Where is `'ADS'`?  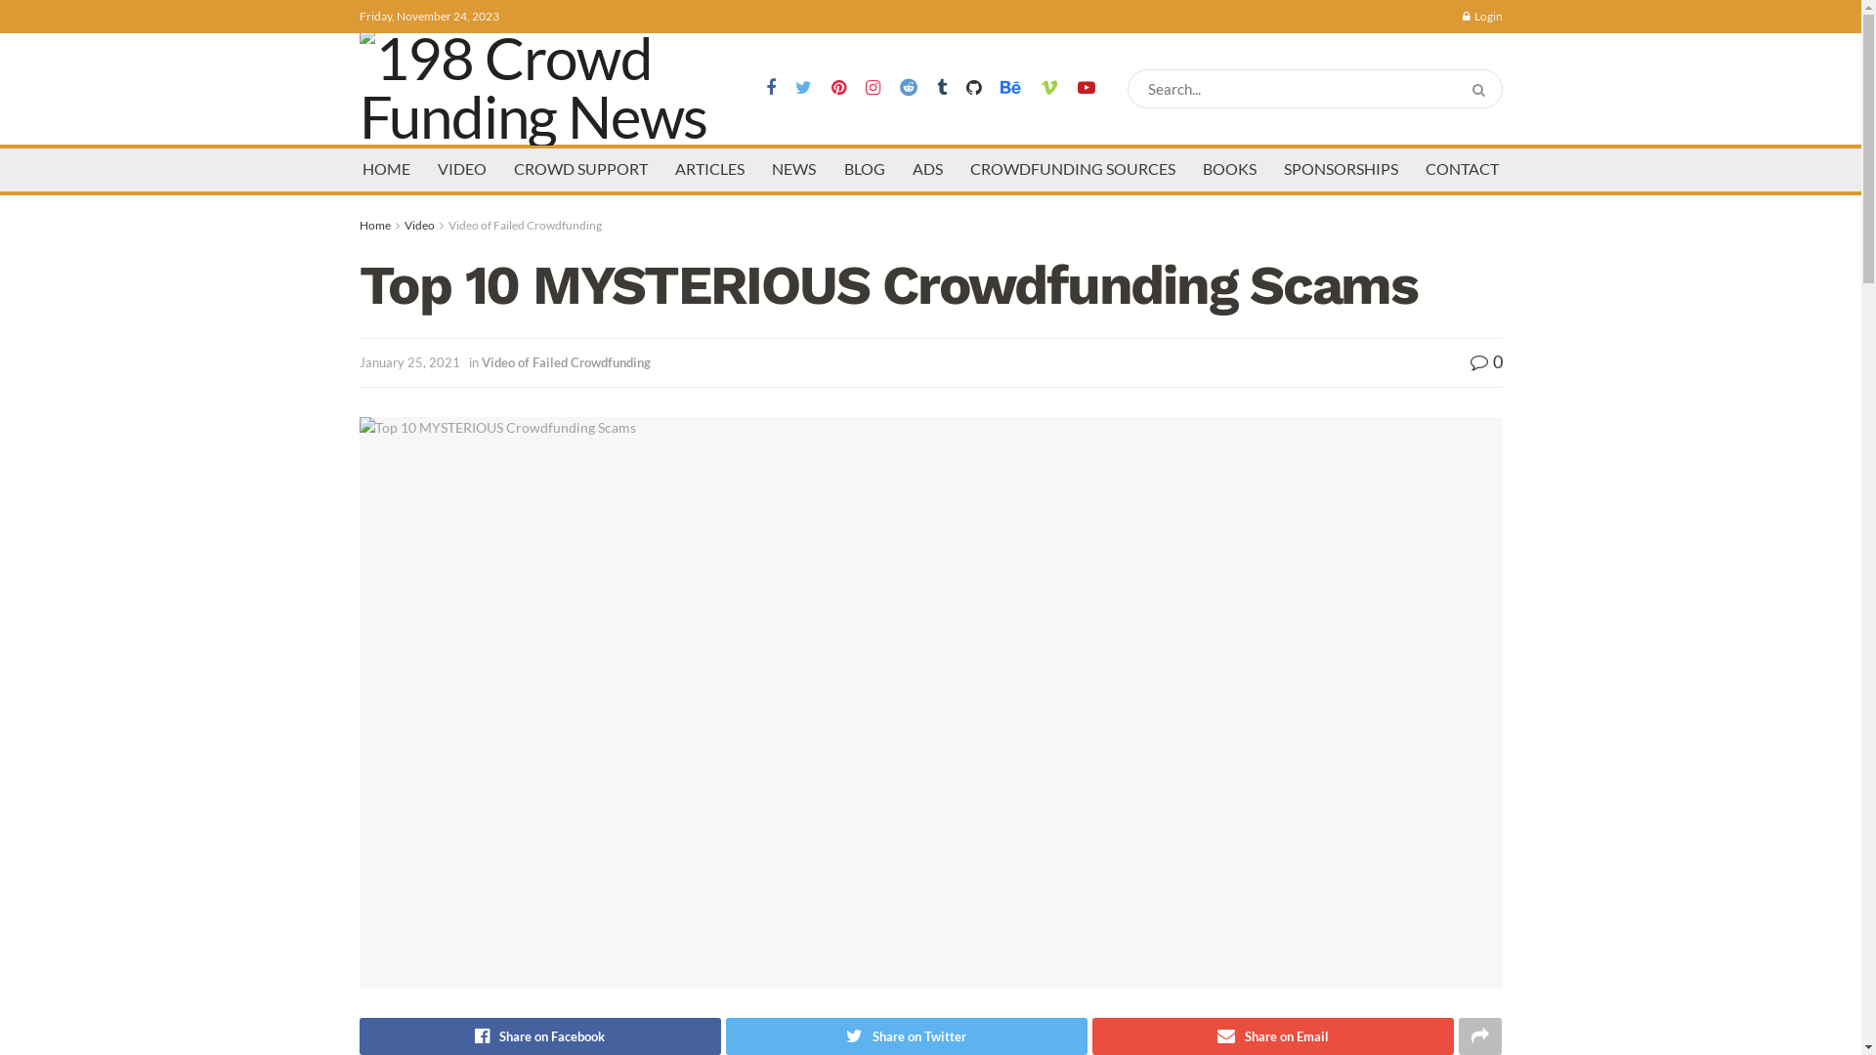 'ADS' is located at coordinates (912, 167).